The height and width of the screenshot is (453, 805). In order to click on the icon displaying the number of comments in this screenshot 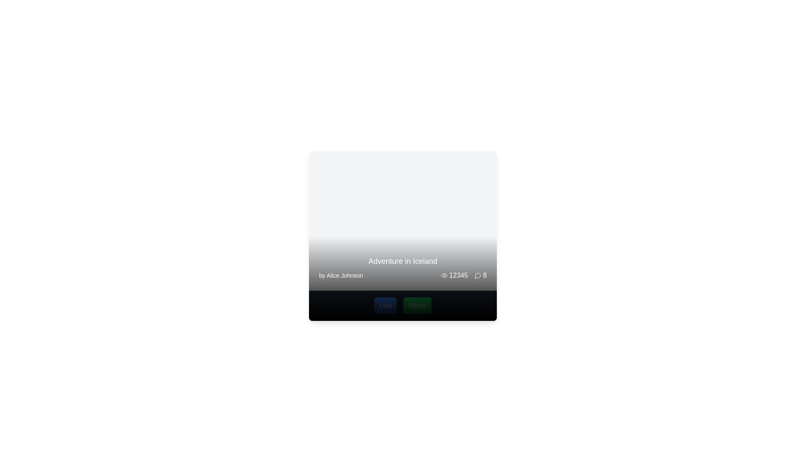, I will do `click(480, 275)`.